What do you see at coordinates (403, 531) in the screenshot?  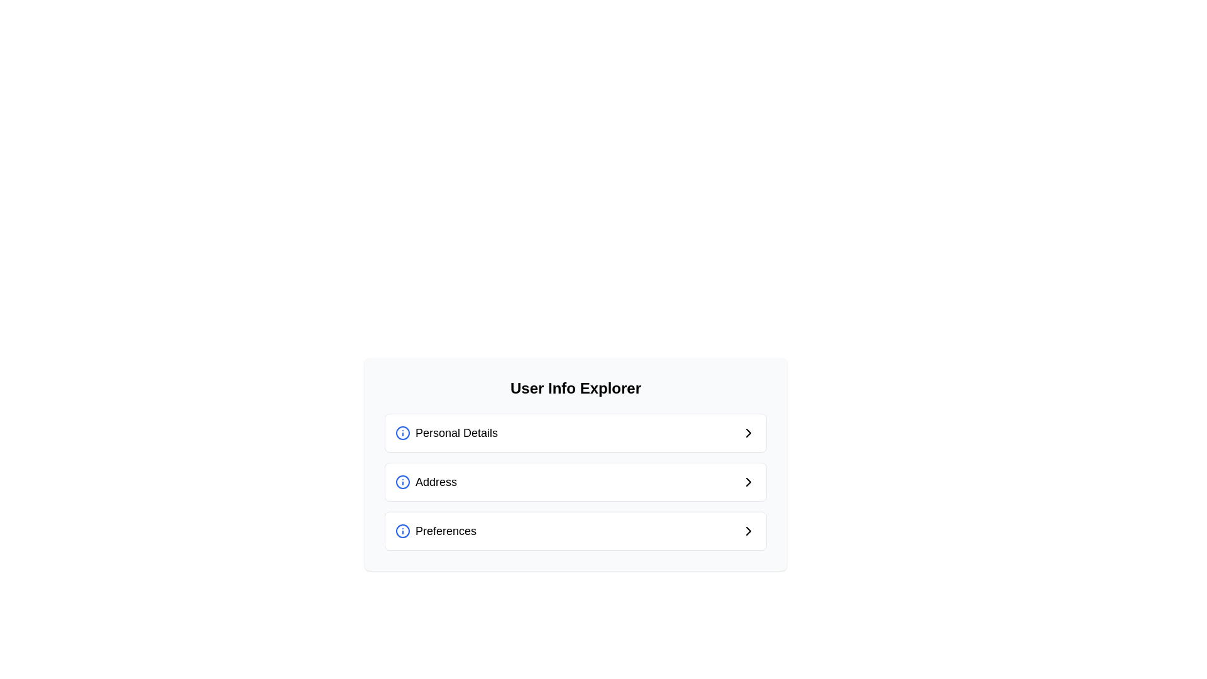 I see `the circular icon with a blue outline and exclamation mark, located in the third row next to the 'Preferences' label` at bounding box center [403, 531].